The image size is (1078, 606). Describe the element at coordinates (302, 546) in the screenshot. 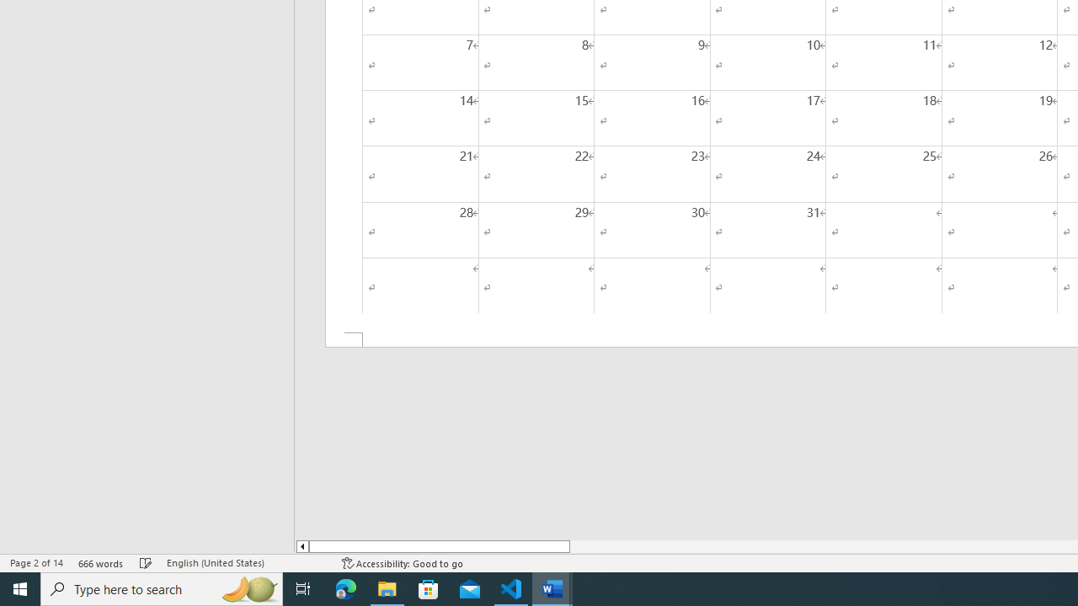

I see `'Column left'` at that location.